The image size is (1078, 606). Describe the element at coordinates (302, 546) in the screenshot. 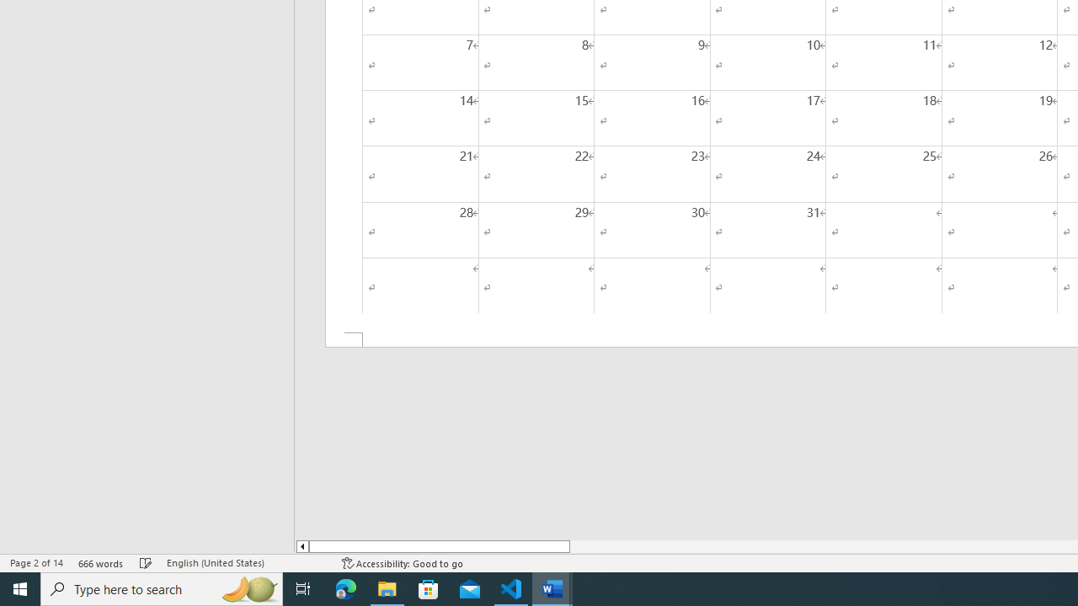

I see `'Column left'` at that location.